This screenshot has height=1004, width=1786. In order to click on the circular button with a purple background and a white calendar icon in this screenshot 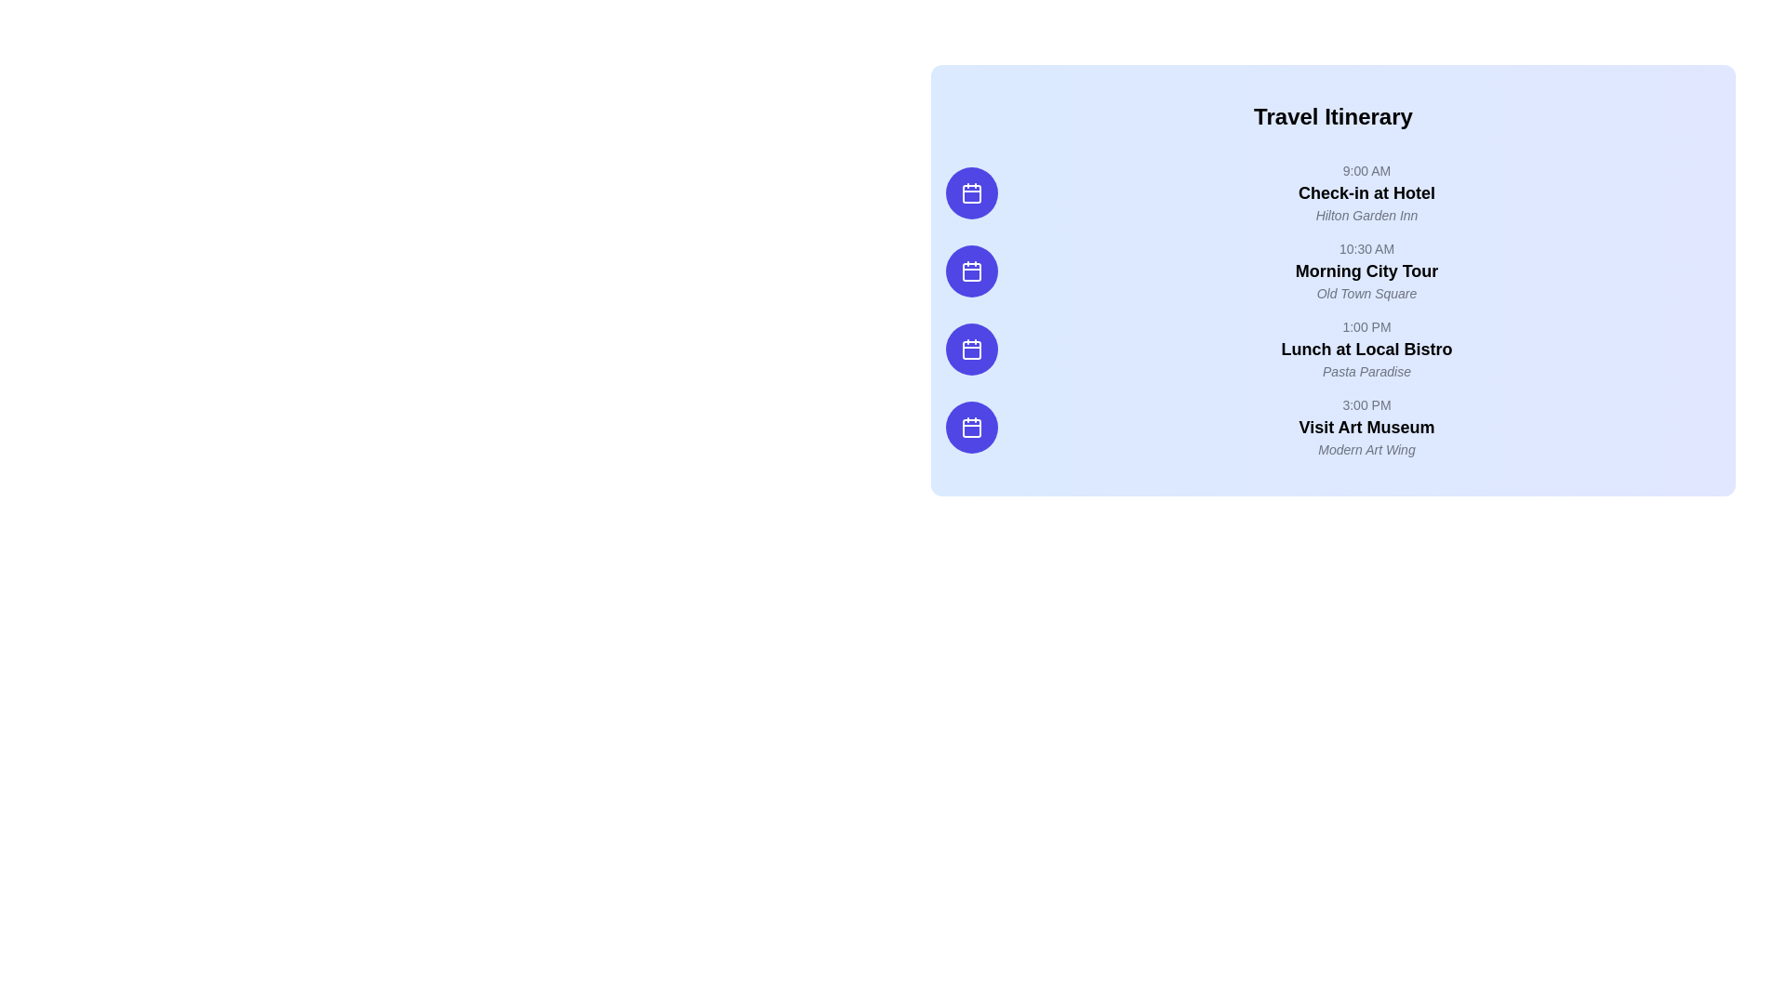, I will do `click(971, 349)`.